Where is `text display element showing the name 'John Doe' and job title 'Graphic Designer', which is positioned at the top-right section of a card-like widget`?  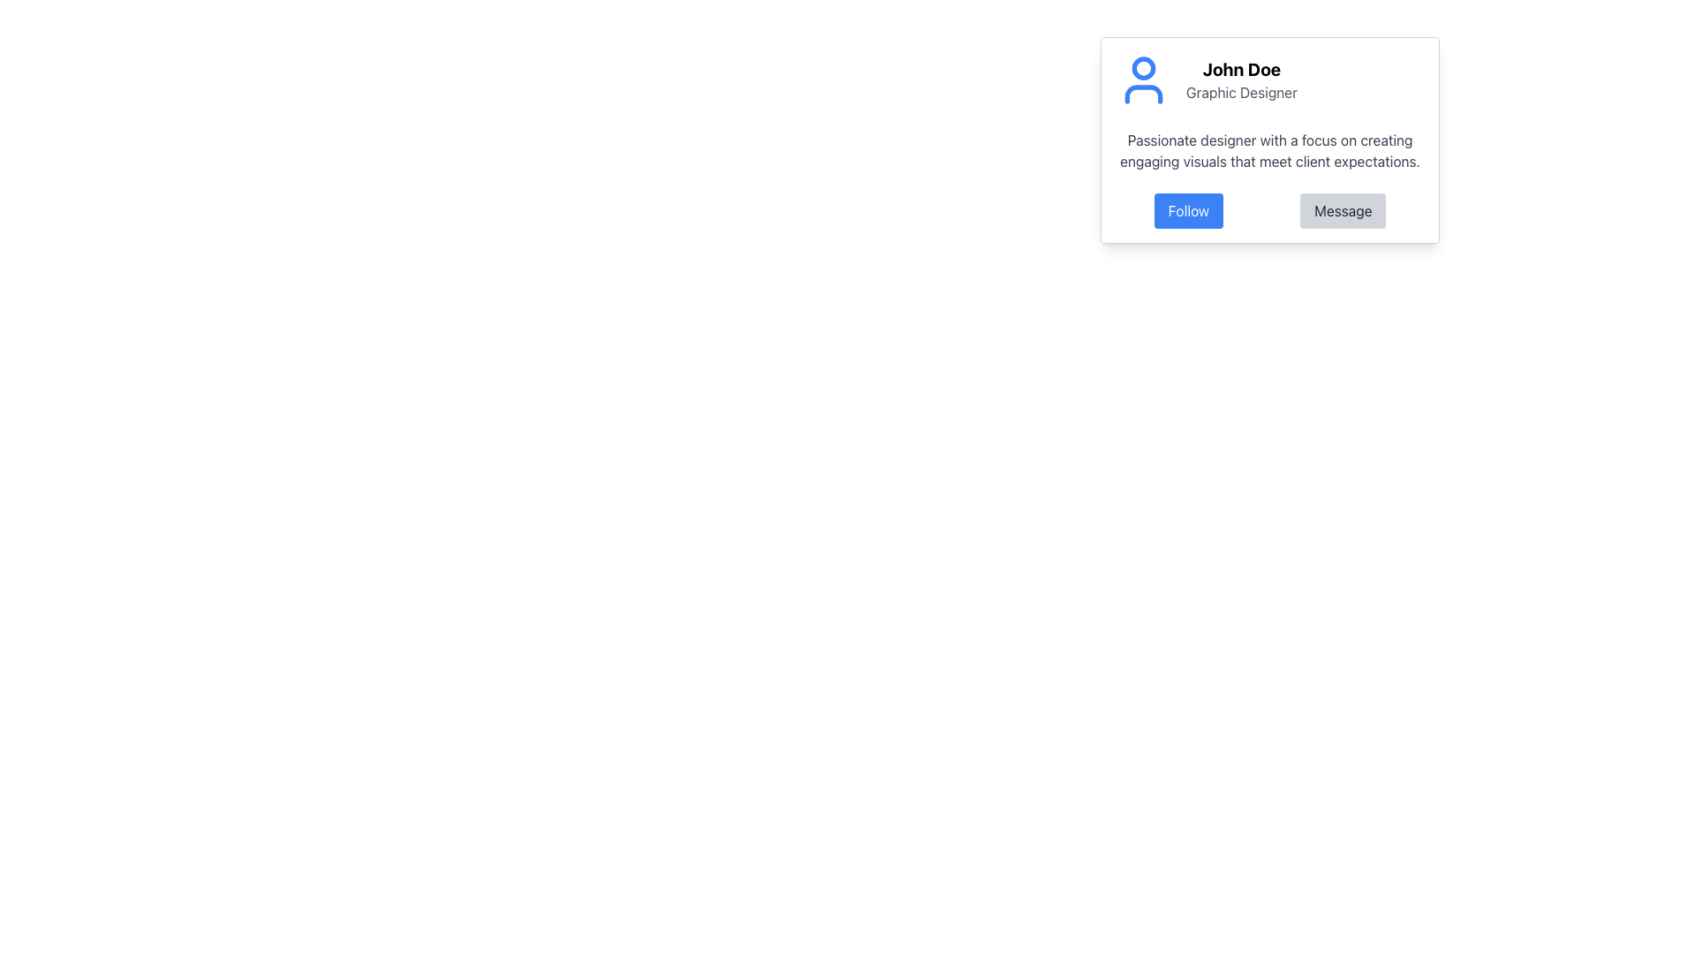 text display element showing the name 'John Doe' and job title 'Graphic Designer', which is positioned at the top-right section of a card-like widget is located at coordinates (1241, 80).